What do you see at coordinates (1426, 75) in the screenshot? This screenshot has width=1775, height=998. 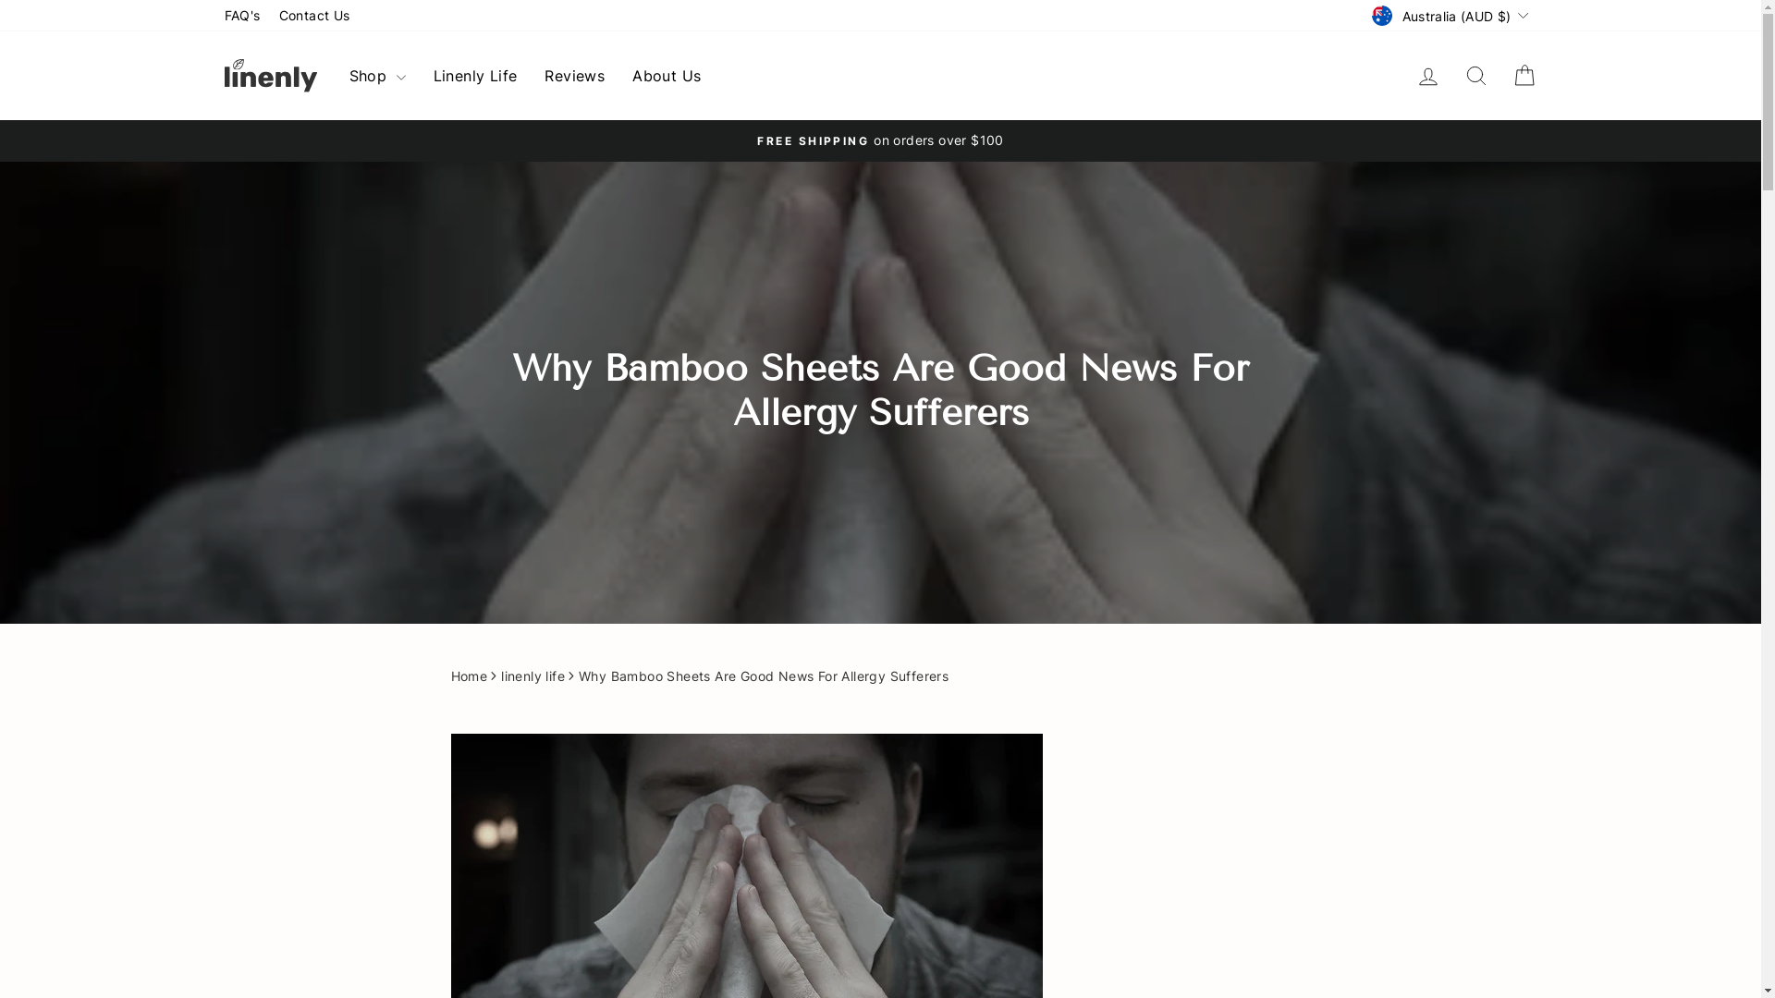 I see `'account` at bounding box center [1426, 75].